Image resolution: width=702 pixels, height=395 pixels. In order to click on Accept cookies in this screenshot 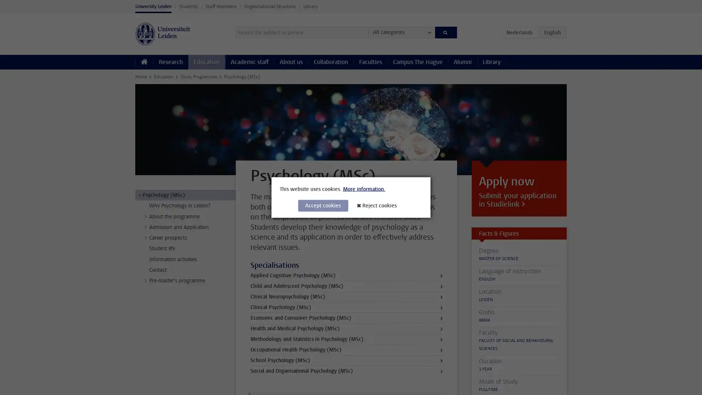, I will do `click(322, 206)`.